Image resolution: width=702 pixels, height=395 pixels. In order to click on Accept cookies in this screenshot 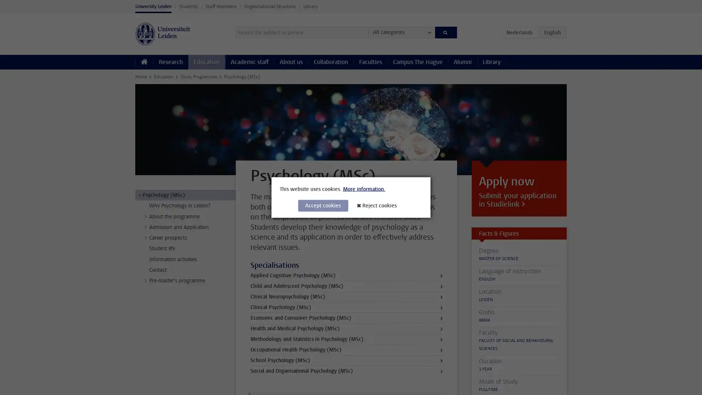, I will do `click(322, 206)`.